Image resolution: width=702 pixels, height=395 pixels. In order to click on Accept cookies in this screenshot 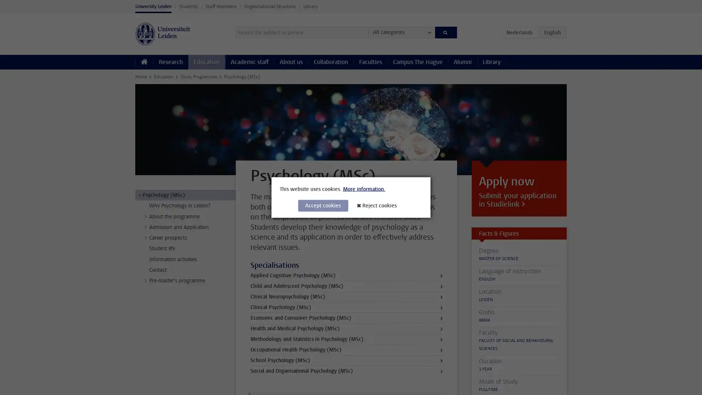, I will do `click(322, 206)`.